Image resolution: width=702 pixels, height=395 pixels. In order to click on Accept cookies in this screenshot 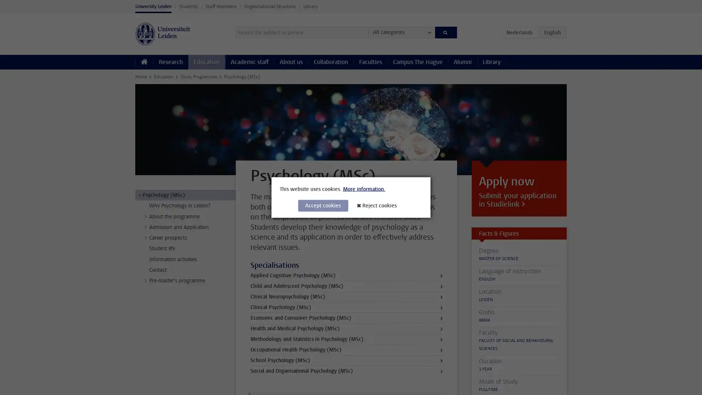, I will do `click(322, 206)`.